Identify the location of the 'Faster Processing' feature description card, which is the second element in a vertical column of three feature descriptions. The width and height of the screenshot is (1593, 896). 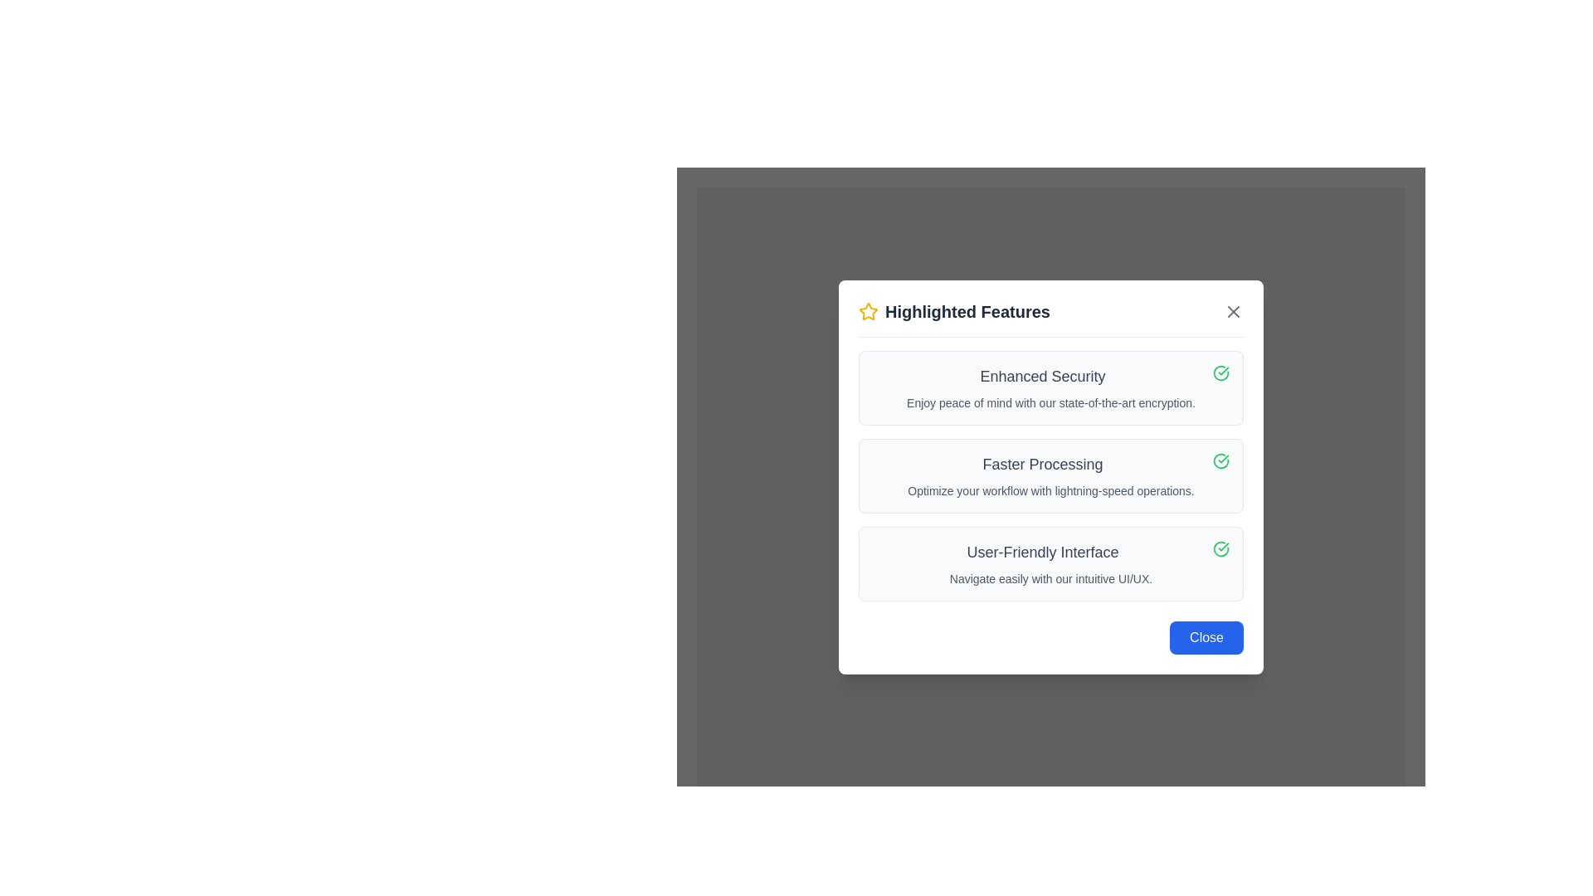
(1050, 475).